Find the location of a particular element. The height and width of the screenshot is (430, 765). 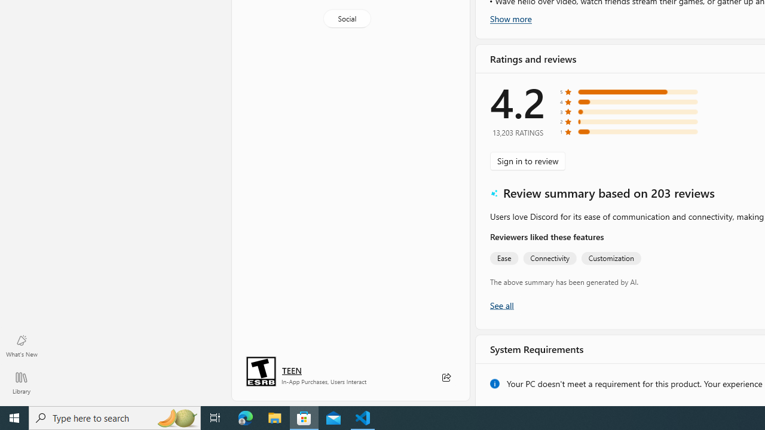

'Library' is located at coordinates (21, 382).